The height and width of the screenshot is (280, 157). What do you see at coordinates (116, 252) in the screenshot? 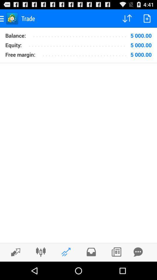
I see `the icon which is right to the message icon` at bounding box center [116, 252].